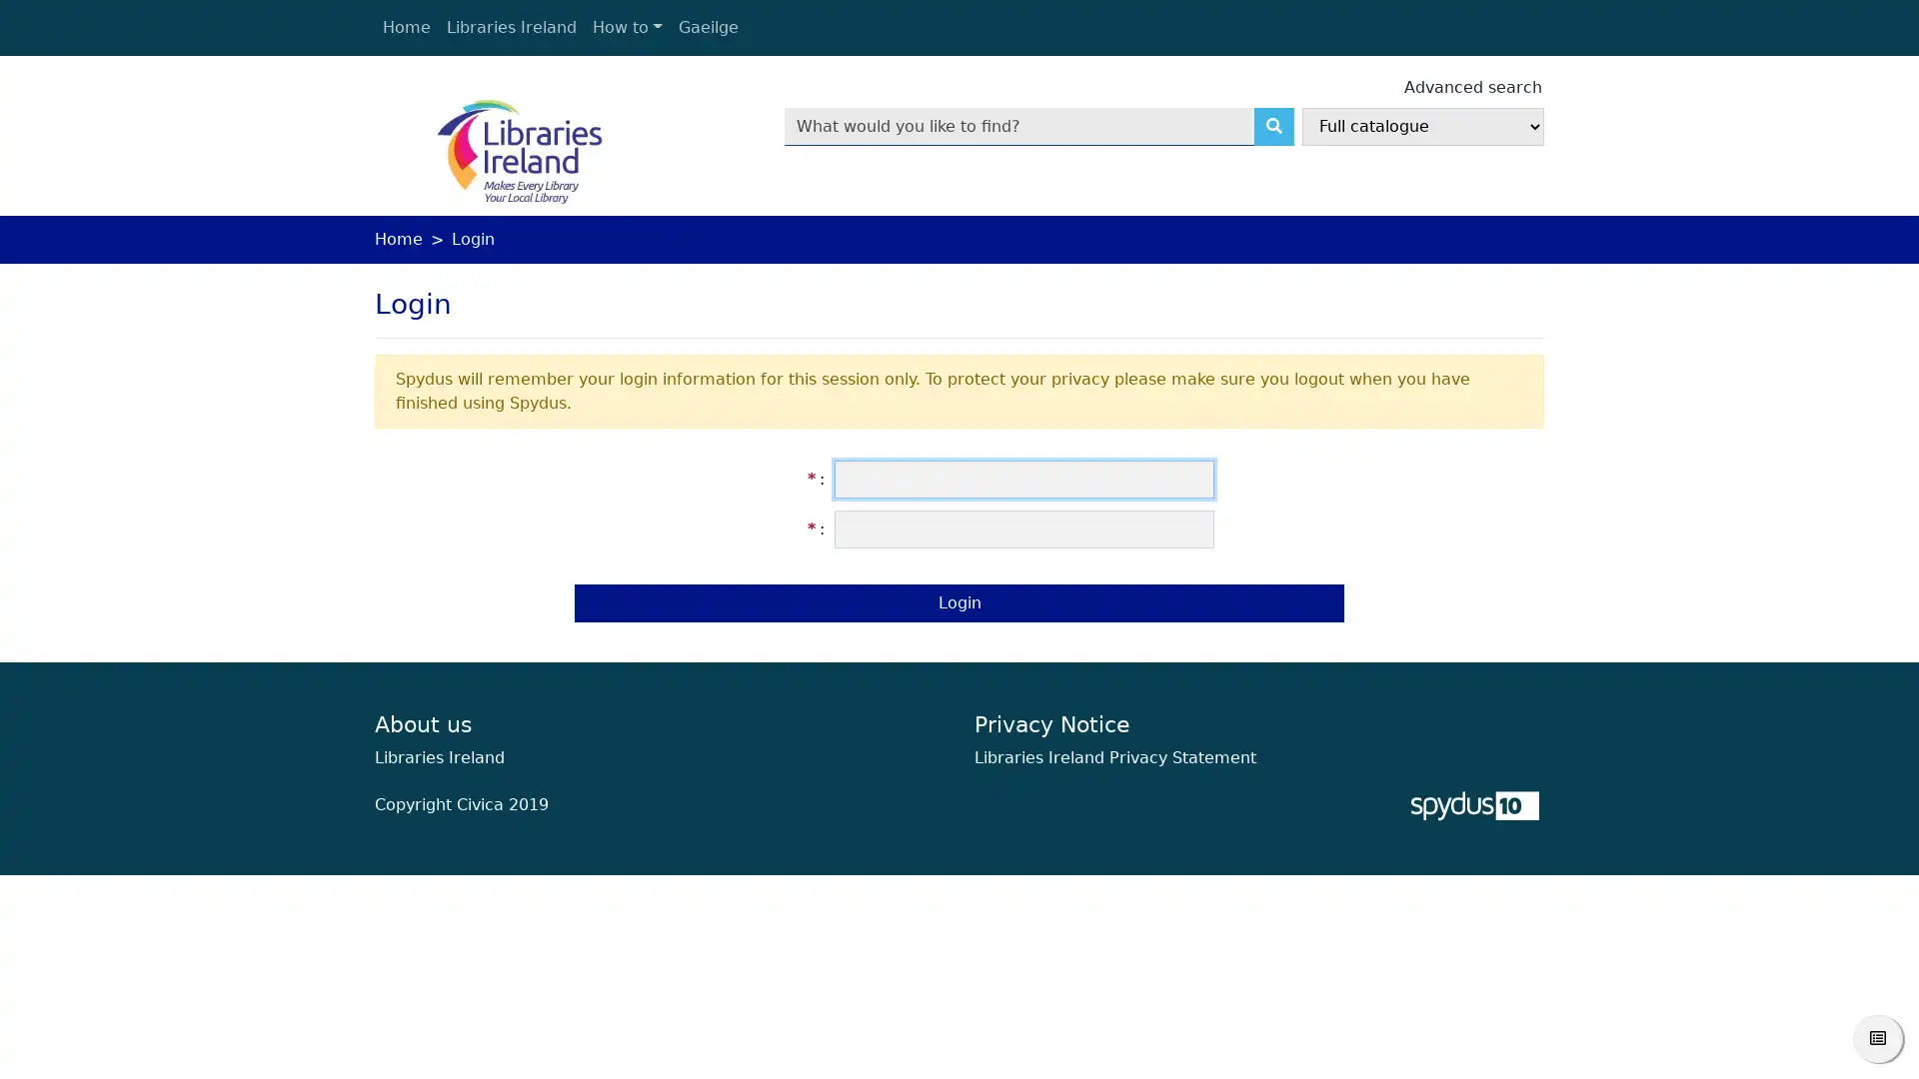 The height and width of the screenshot is (1079, 1919). What do you see at coordinates (959, 600) in the screenshot?
I see `Login` at bounding box center [959, 600].